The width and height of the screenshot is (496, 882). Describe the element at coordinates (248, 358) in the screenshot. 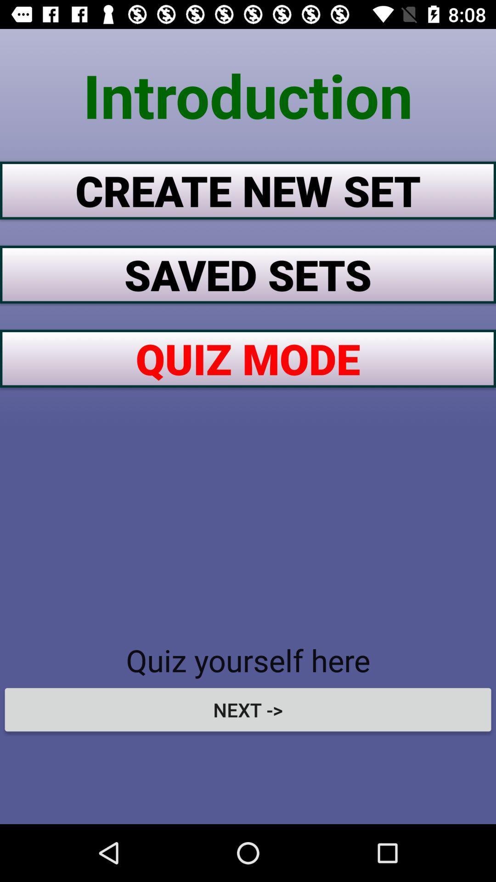

I see `item above quiz yourself here icon` at that location.